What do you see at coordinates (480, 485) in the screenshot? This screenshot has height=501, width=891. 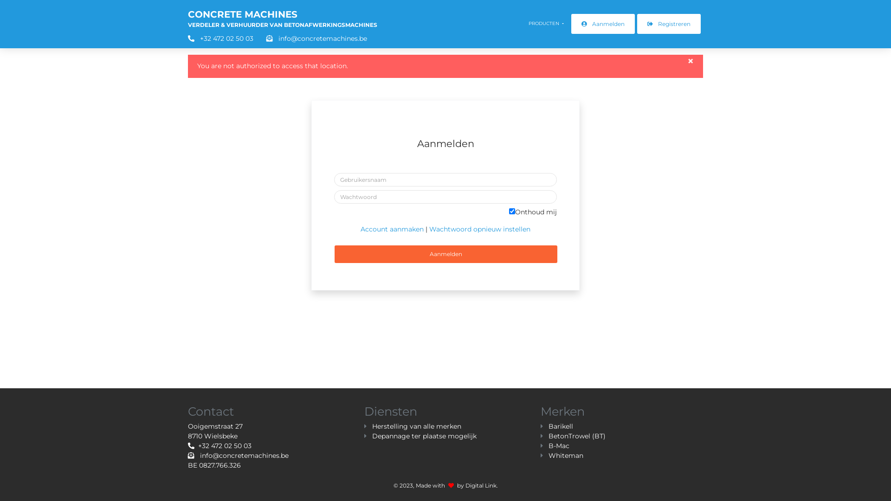 I see `'Digital Link'` at bounding box center [480, 485].